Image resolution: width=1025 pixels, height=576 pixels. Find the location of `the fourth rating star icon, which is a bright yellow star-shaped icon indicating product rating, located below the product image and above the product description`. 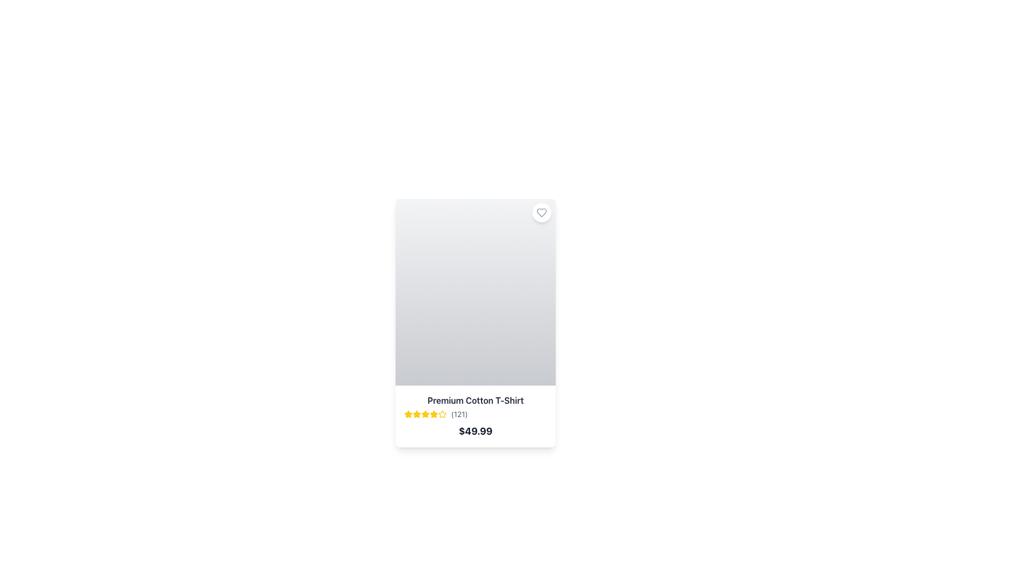

the fourth rating star icon, which is a bright yellow star-shaped icon indicating product rating, located below the product image and above the product description is located at coordinates (433, 413).